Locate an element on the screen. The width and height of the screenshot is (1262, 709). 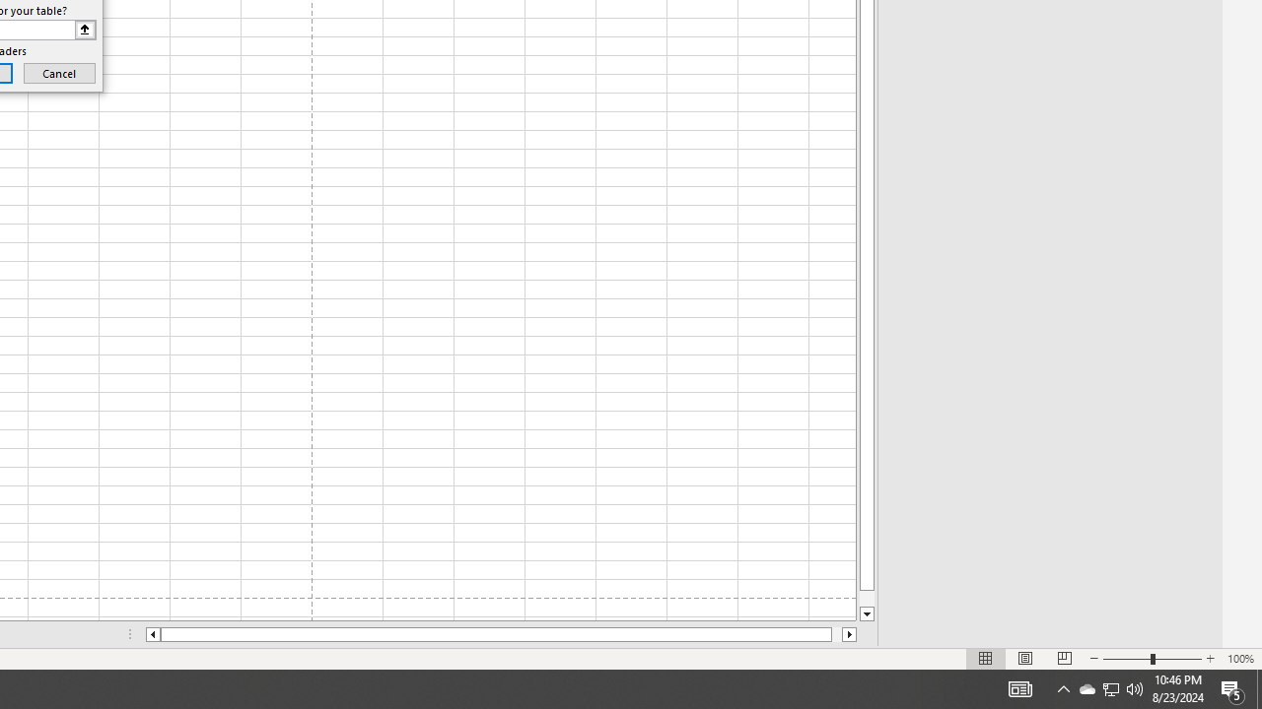
'Zoom Out' is located at coordinates (1127, 659).